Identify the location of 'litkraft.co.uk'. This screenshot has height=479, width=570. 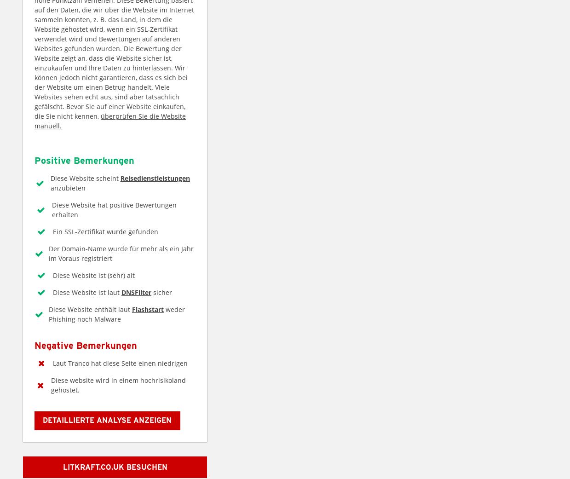
(63, 467).